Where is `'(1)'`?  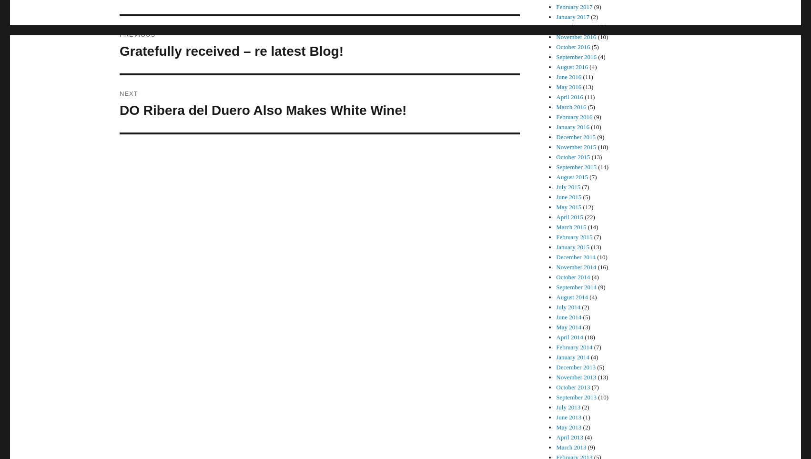
'(1)' is located at coordinates (586, 417).